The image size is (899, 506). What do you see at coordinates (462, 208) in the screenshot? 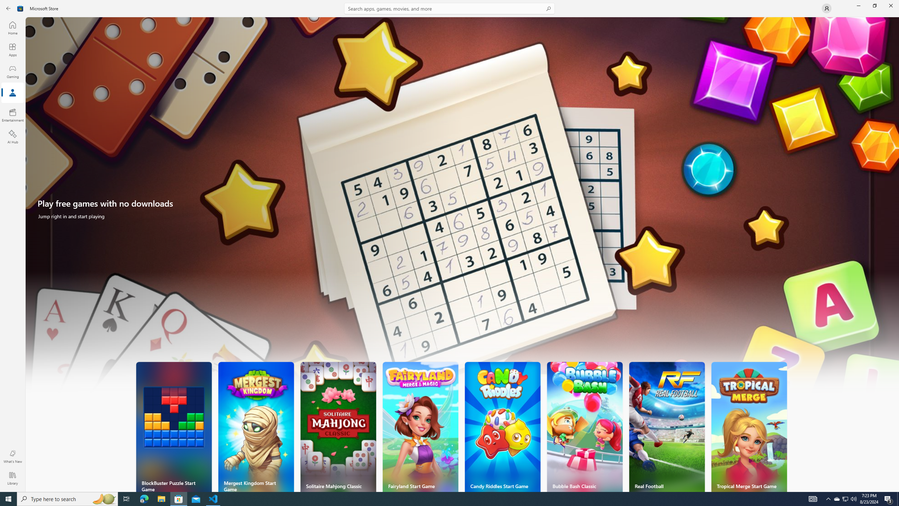
I see `'AutomationID: HeroImage'` at bounding box center [462, 208].